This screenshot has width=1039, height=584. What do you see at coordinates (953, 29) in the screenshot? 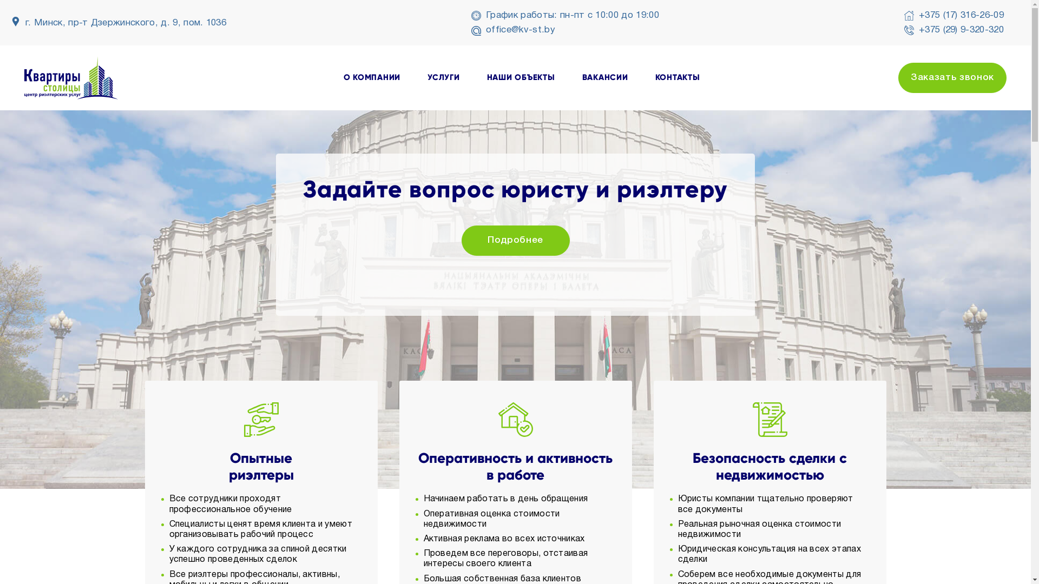
I see `'+375 (29) 9-320-320'` at bounding box center [953, 29].